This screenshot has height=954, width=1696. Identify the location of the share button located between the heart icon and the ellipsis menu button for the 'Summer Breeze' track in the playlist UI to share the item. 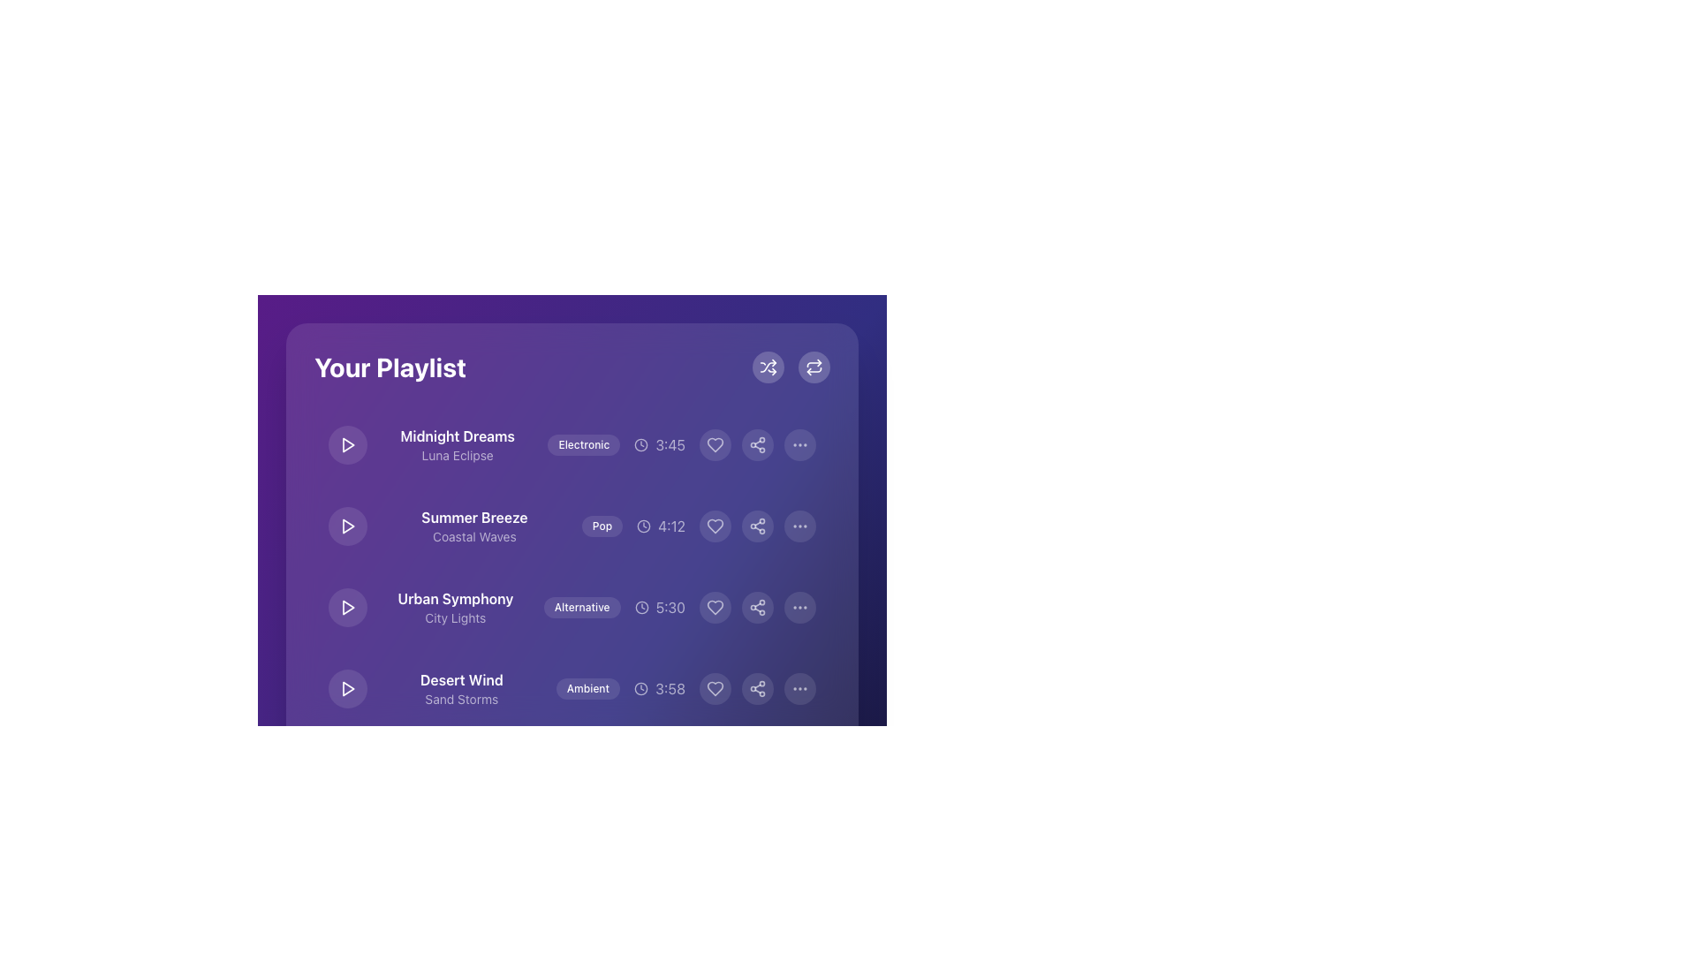
(758, 526).